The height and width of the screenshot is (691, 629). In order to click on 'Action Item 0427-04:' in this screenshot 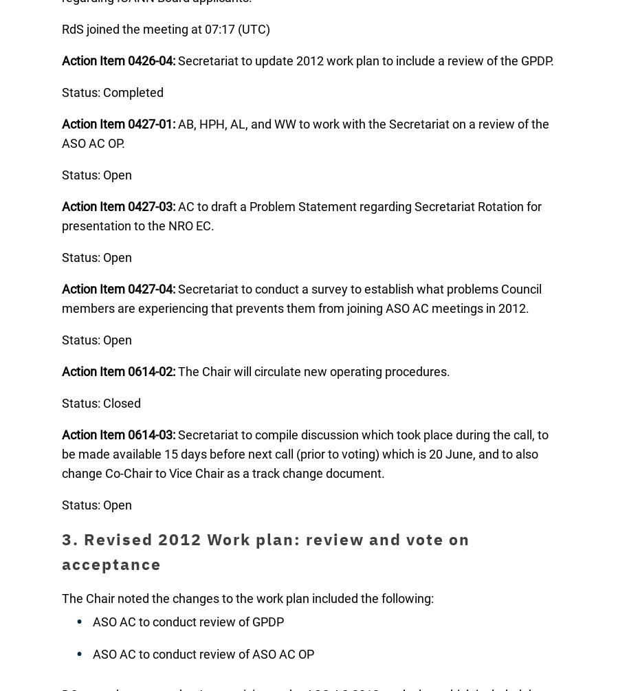, I will do `click(118, 289)`.